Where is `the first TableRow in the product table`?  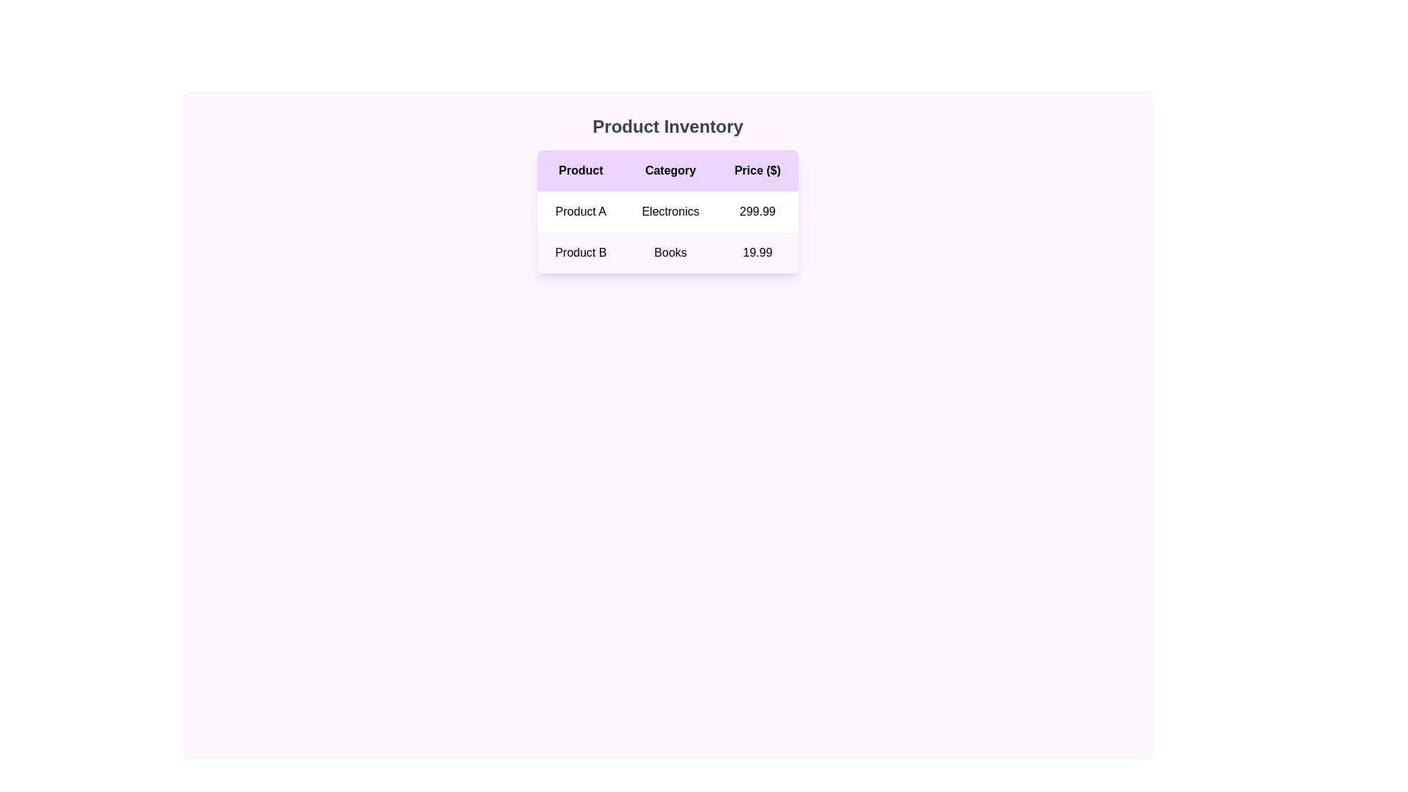
the first TableRow in the product table is located at coordinates (667, 231).